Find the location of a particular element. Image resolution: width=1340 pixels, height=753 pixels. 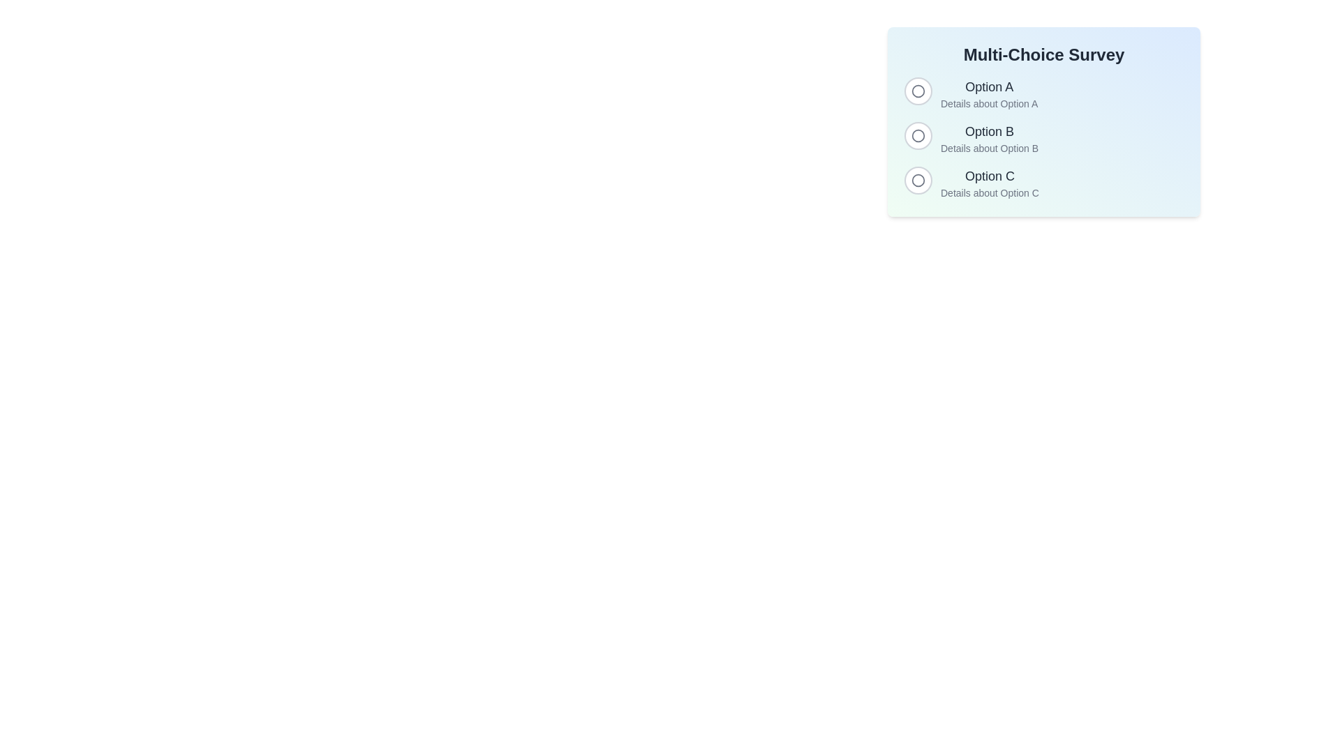

the visual indicator part of the radio button corresponding to 'Option B' in the multi-choice survey interface is located at coordinates (918, 136).